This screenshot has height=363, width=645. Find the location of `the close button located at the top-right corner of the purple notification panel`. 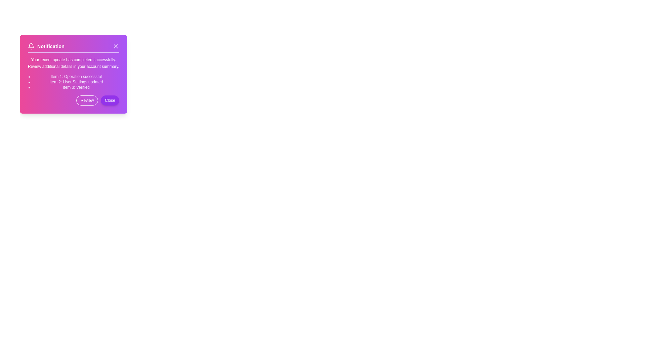

the close button located at the top-right corner of the purple notification panel is located at coordinates (116, 46).